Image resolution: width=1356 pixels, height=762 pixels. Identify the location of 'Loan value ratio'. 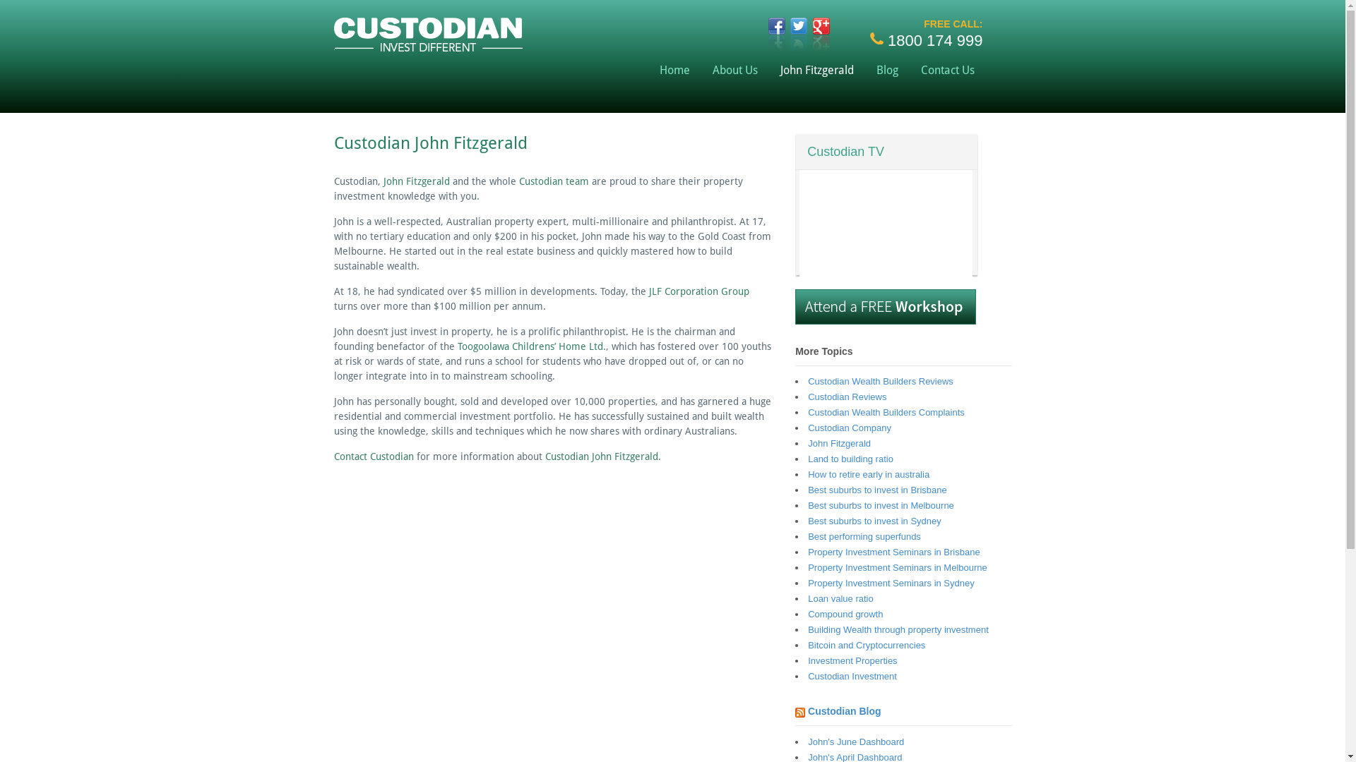
(840, 598).